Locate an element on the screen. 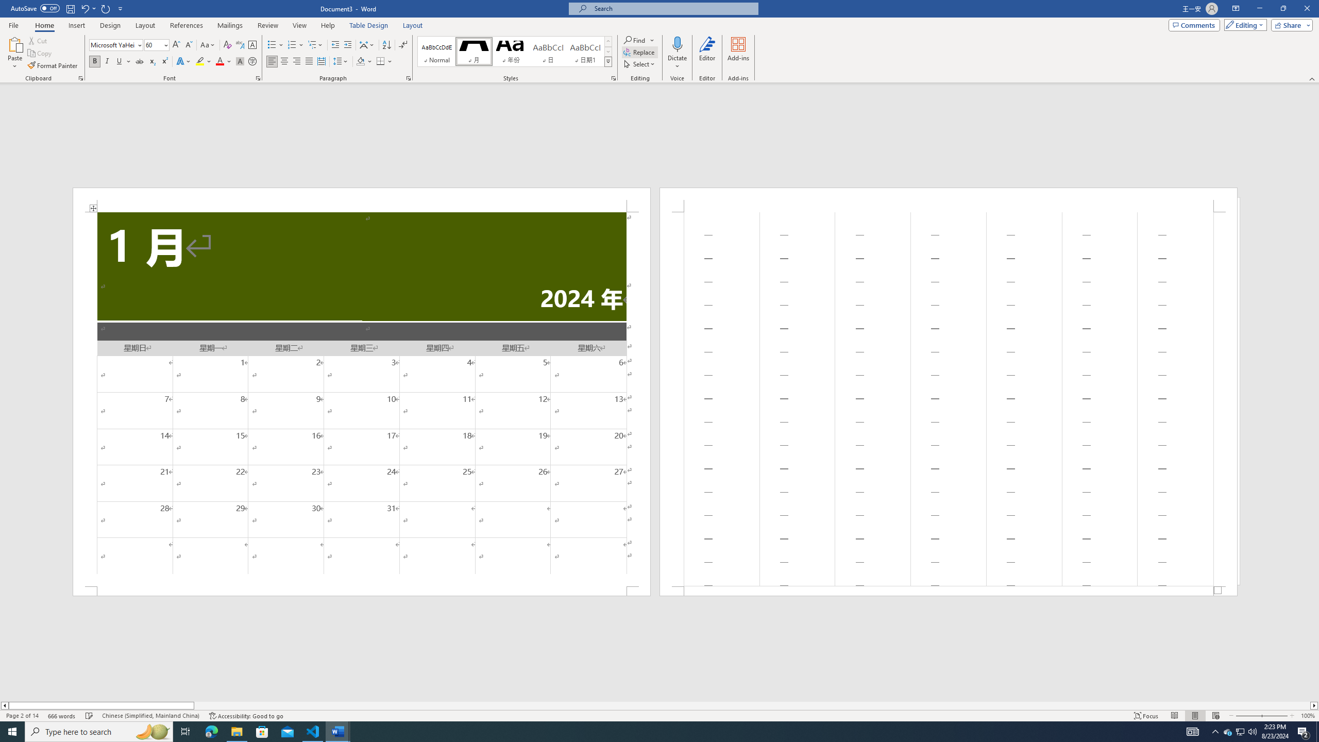 The width and height of the screenshot is (1319, 742). 'Language Chinese (Simplified, Mainland China)' is located at coordinates (149, 716).